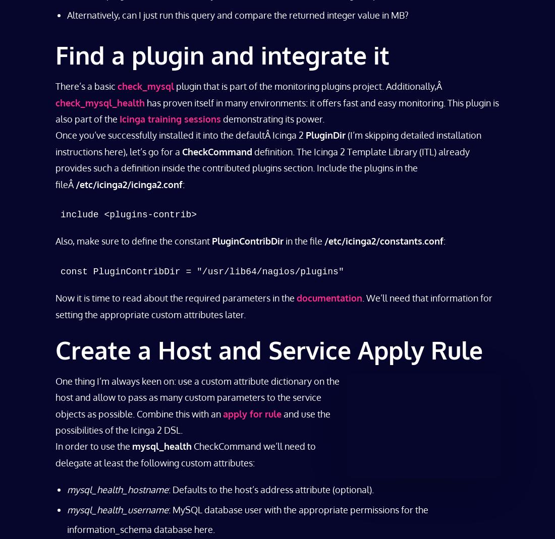 The height and width of the screenshot is (539, 555). What do you see at coordinates (170, 118) in the screenshot?
I see `'Icinga training sessions'` at bounding box center [170, 118].